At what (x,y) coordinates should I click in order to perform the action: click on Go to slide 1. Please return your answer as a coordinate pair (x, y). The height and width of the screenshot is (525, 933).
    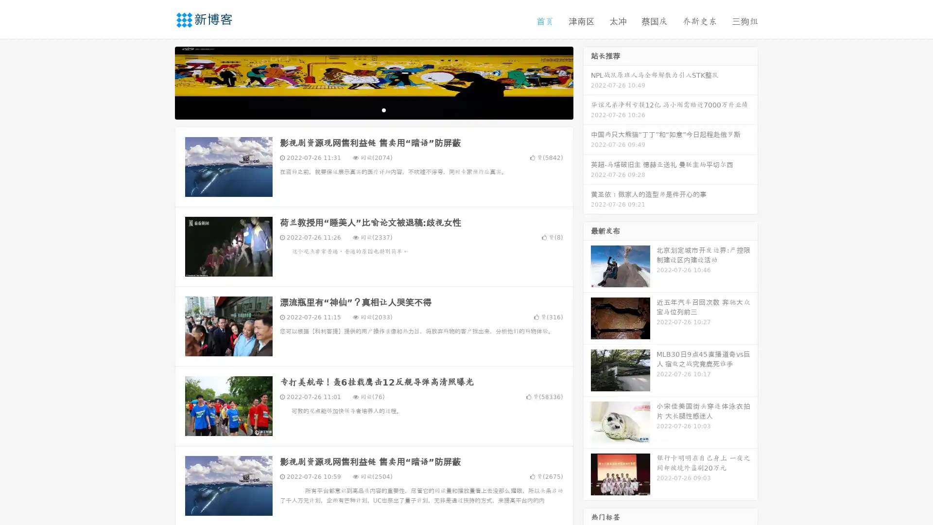
    Looking at the image, I should click on (363, 109).